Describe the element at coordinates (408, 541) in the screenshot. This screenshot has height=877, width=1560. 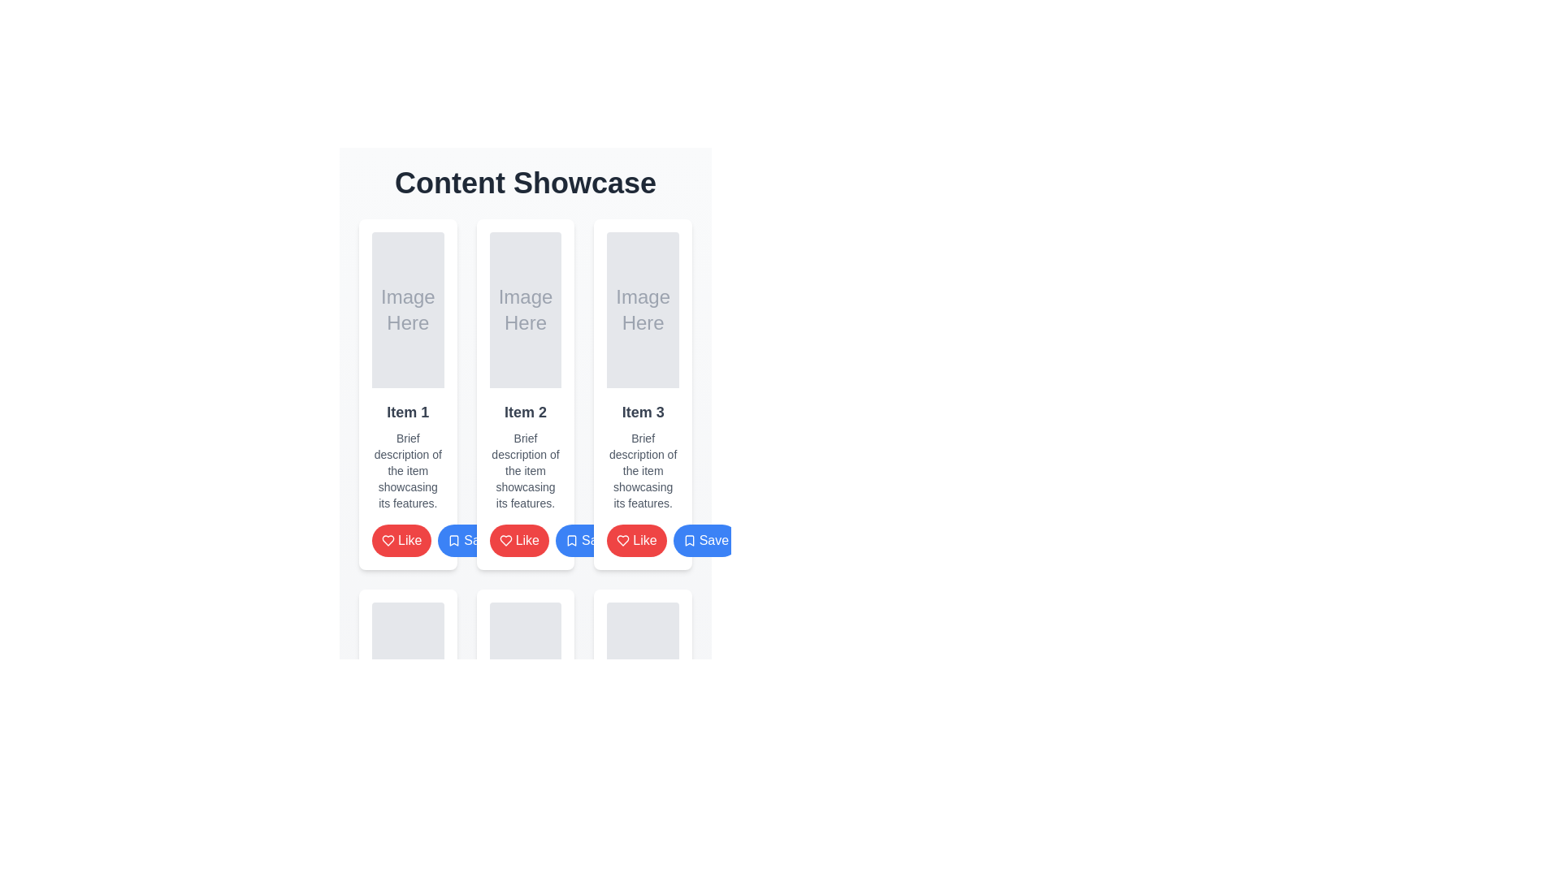
I see `the red rounded button labeled 'Like' with a white text and a heart icon to register a like` at that location.